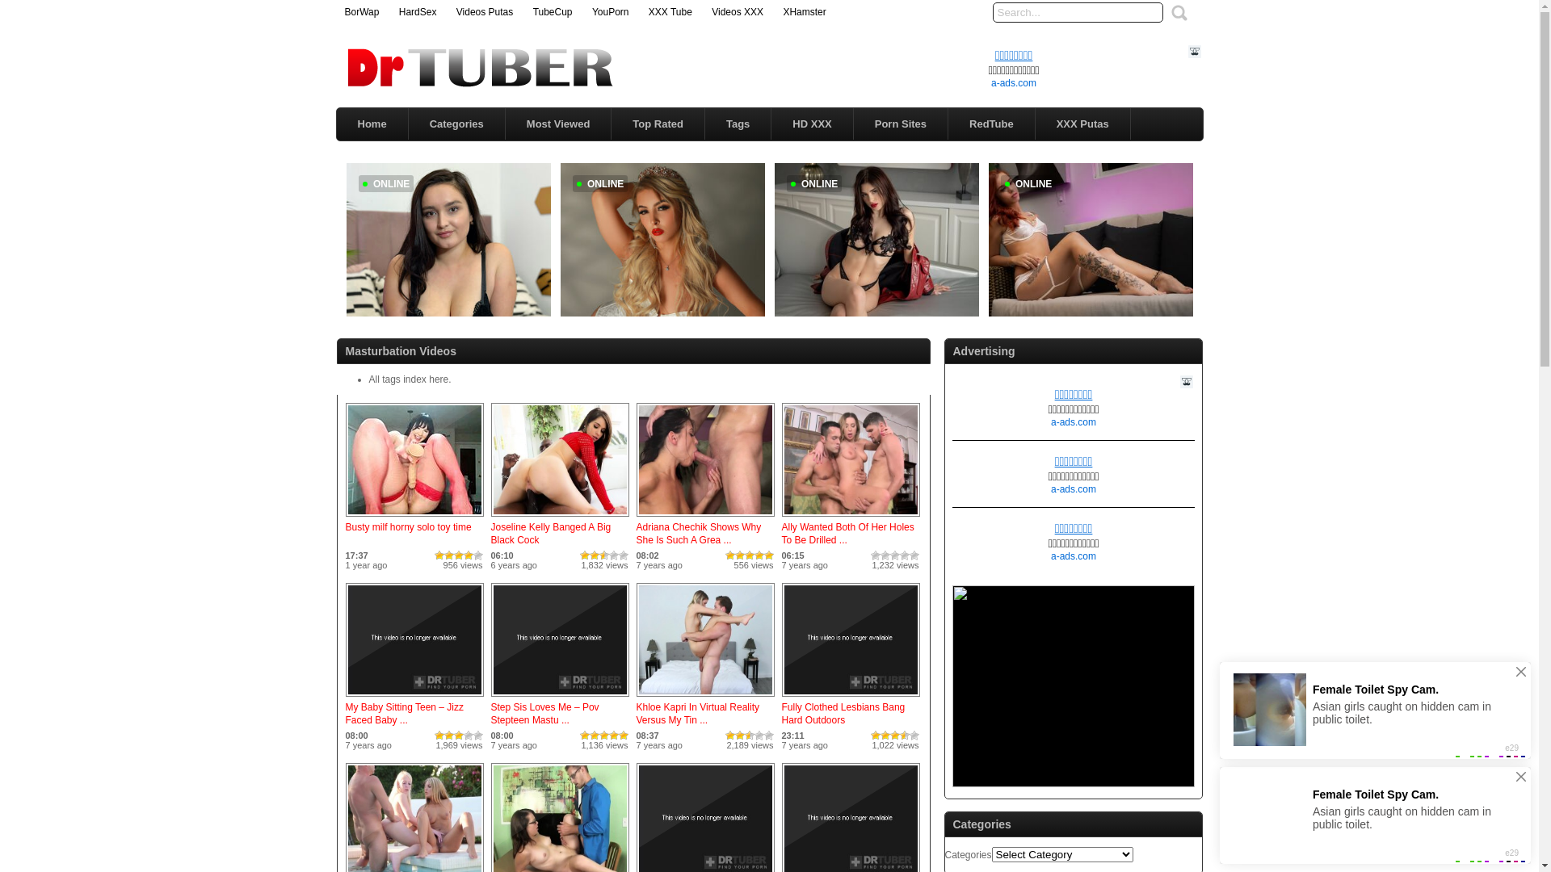 The height and width of the screenshot is (872, 1551). I want to click on '3 Stars', so click(457, 554).